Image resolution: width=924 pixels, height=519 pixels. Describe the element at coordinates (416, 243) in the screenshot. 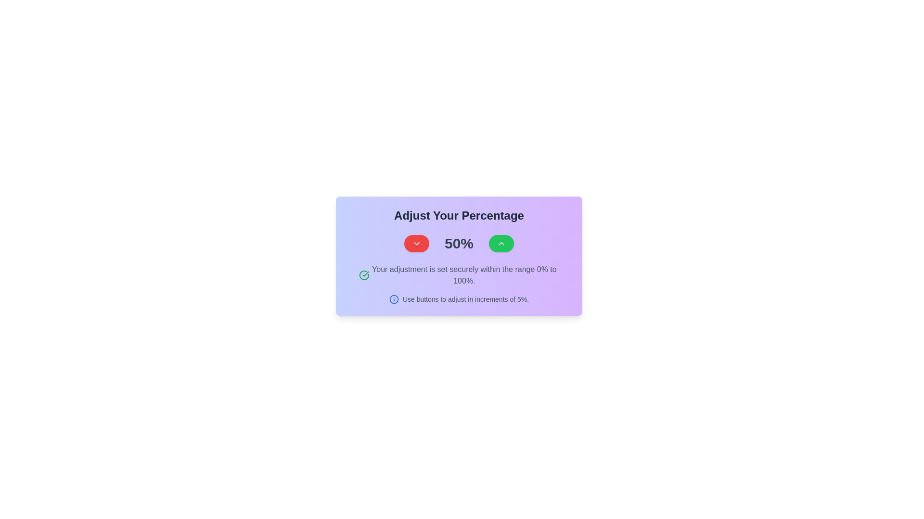

I see `the chevron icon located centrally within the rounded red button on the left side of the control panel` at that location.